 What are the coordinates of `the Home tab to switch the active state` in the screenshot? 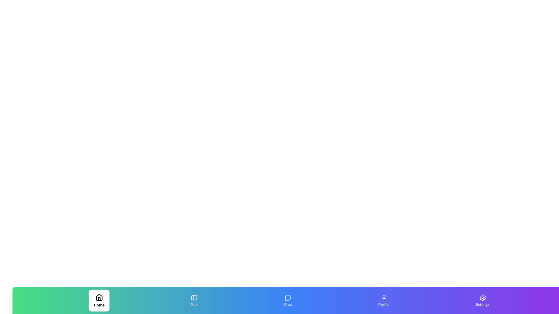 It's located at (99, 300).